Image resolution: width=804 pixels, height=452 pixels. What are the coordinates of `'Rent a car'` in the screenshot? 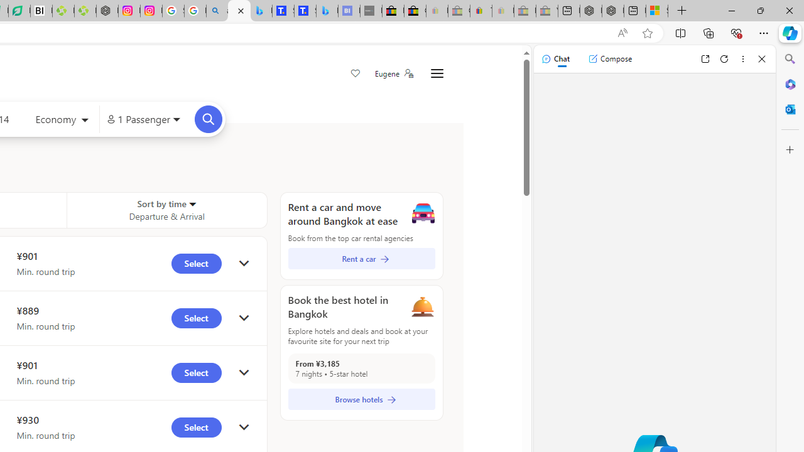 It's located at (361, 258).